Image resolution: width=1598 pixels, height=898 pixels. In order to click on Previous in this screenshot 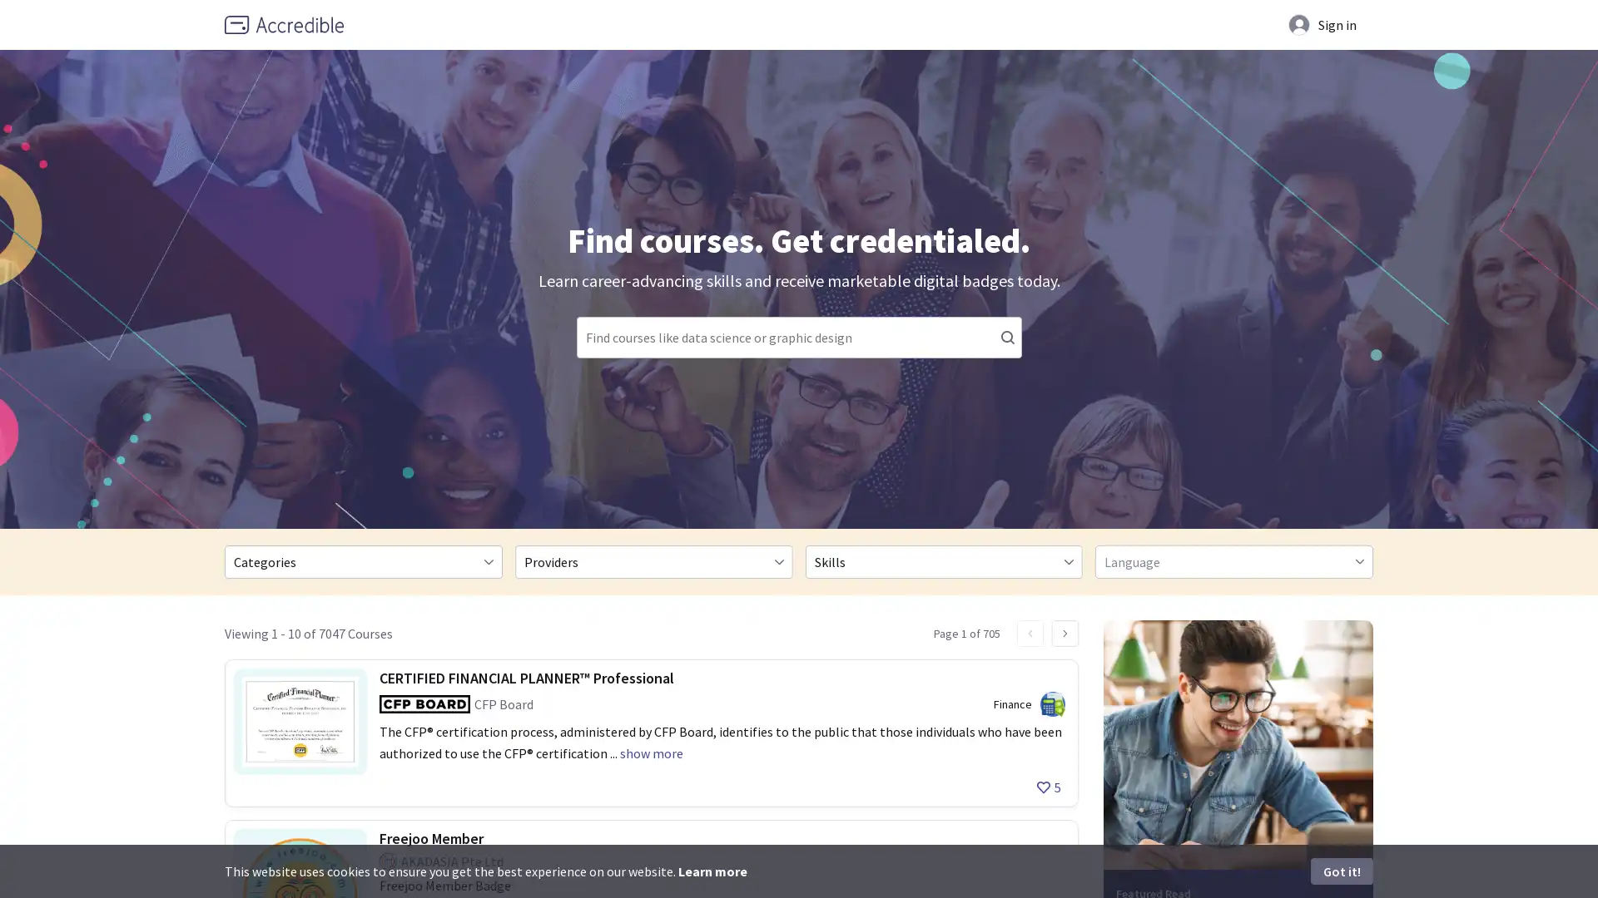, I will do `click(1030, 634)`.